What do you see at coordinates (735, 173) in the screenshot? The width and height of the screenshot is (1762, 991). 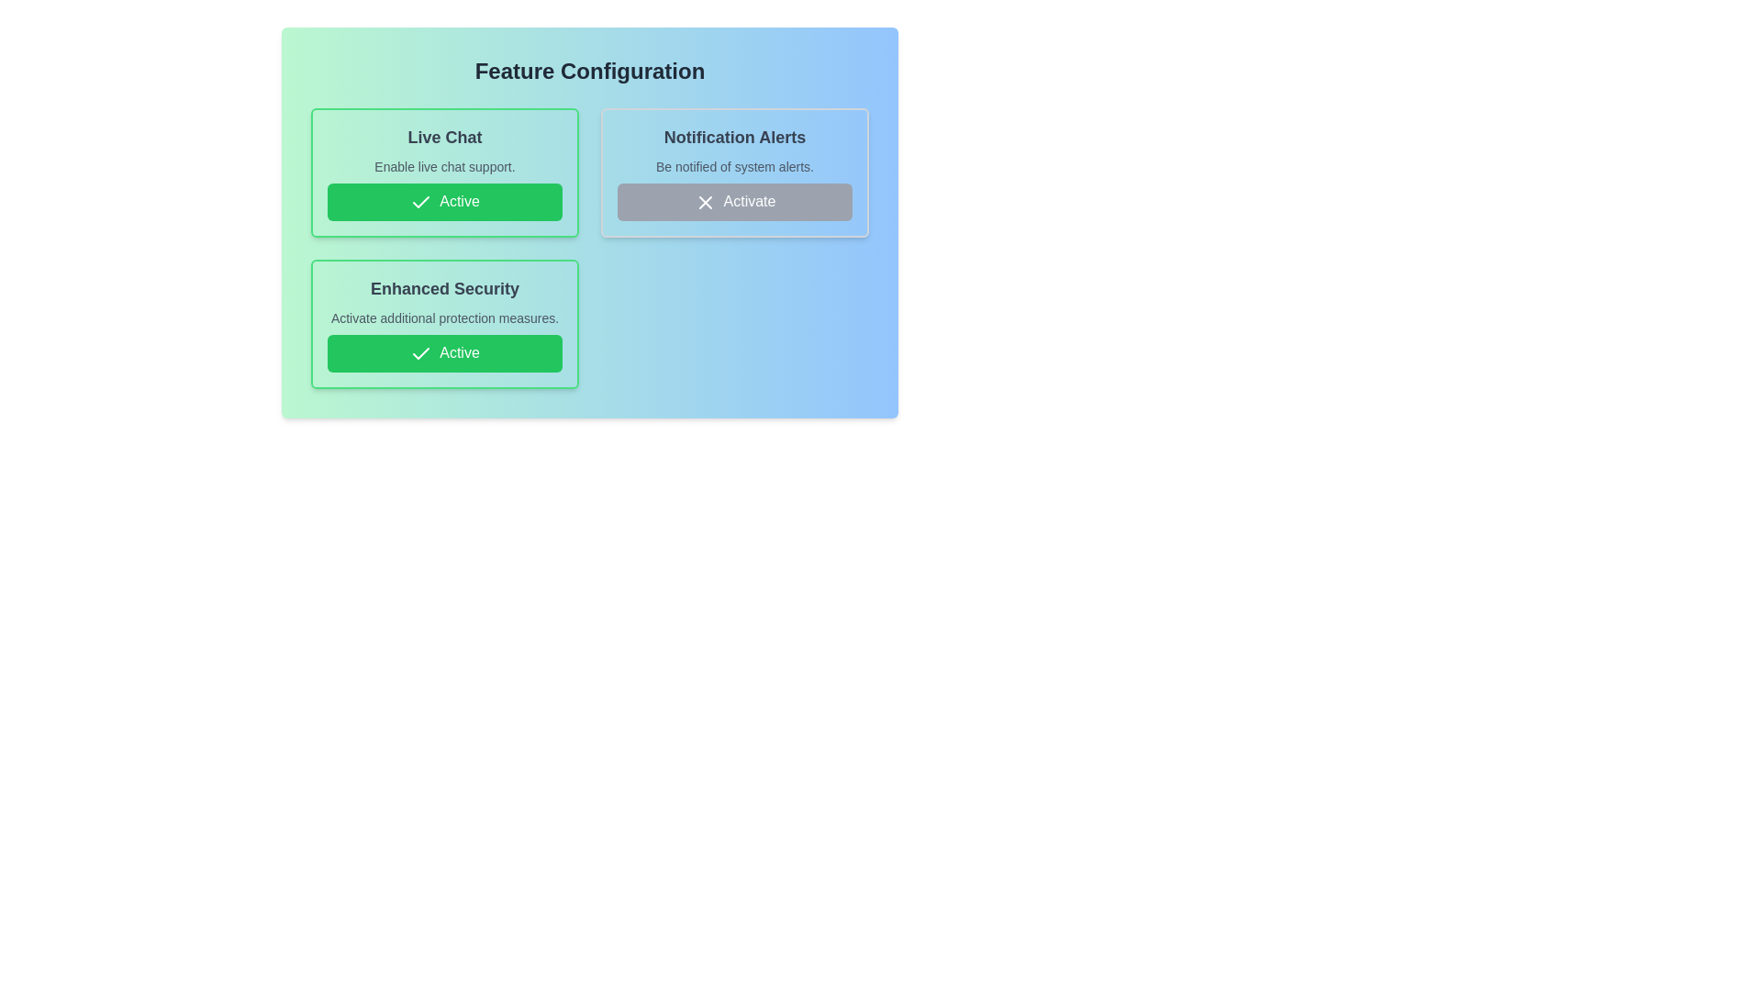 I see `the text and description of the feature Notification Alerts` at bounding box center [735, 173].